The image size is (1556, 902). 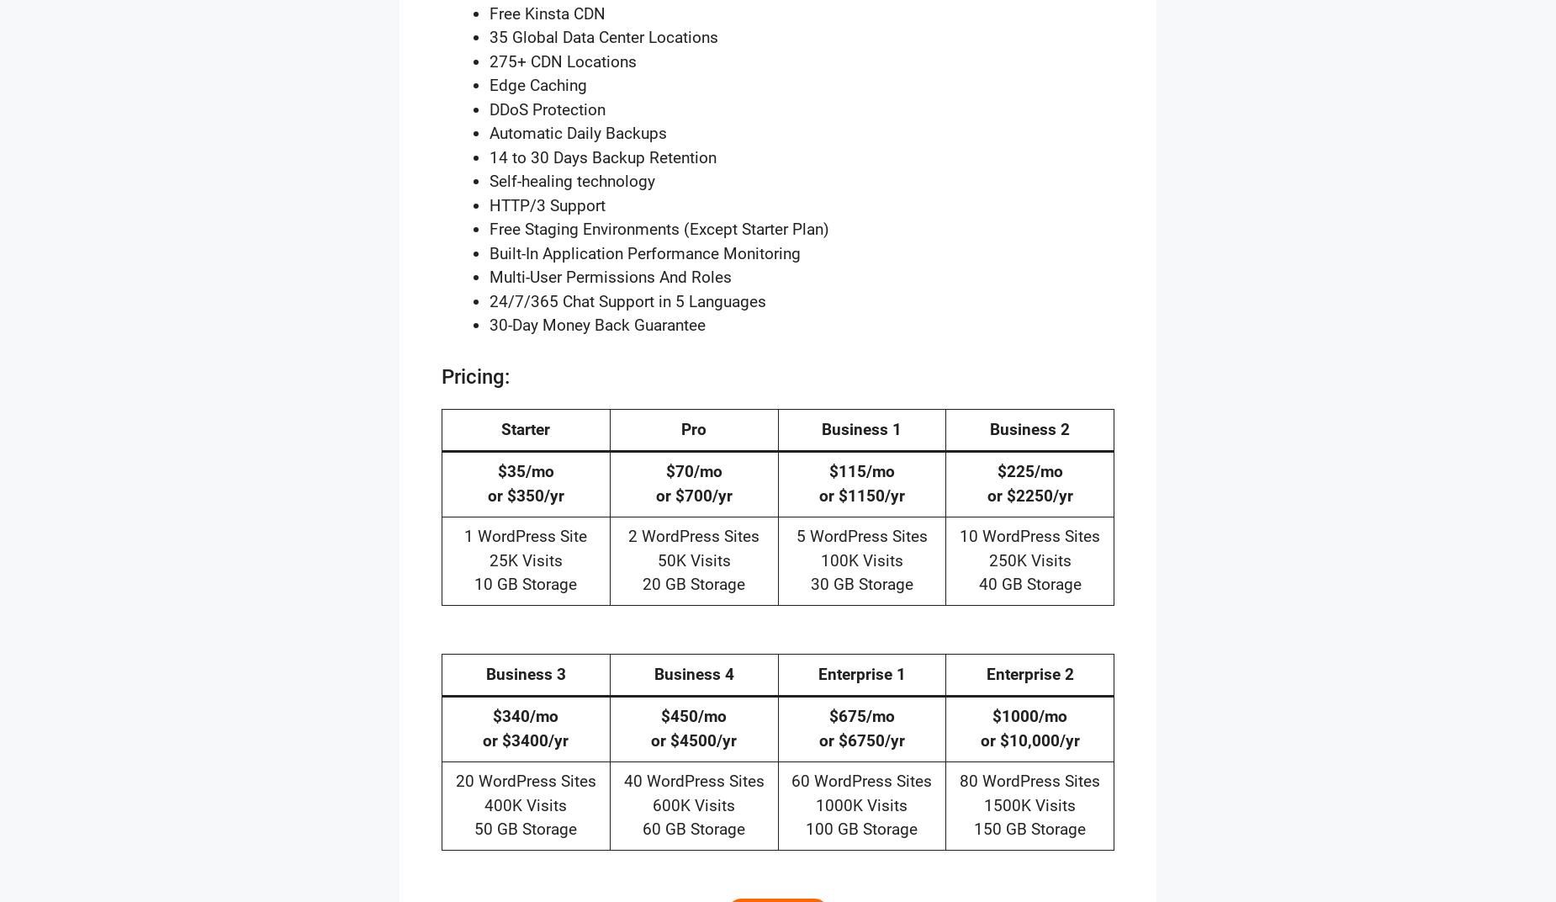 What do you see at coordinates (860, 428) in the screenshot?
I see `'Business 1'` at bounding box center [860, 428].